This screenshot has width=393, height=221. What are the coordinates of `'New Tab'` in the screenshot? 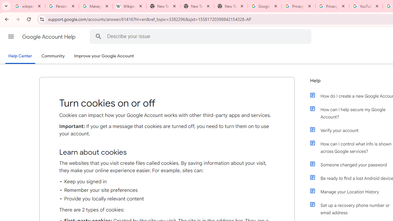 It's located at (231, 6).